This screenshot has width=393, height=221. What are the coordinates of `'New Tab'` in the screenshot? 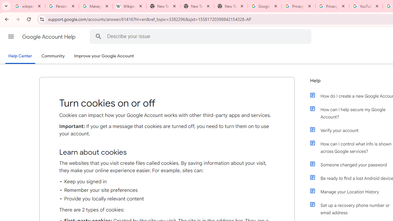 It's located at (231, 6).